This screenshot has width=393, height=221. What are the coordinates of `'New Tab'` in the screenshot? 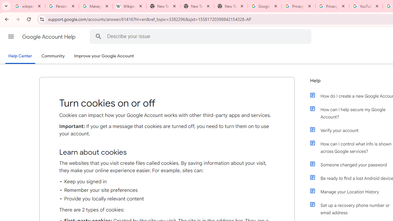 It's located at (231, 6).